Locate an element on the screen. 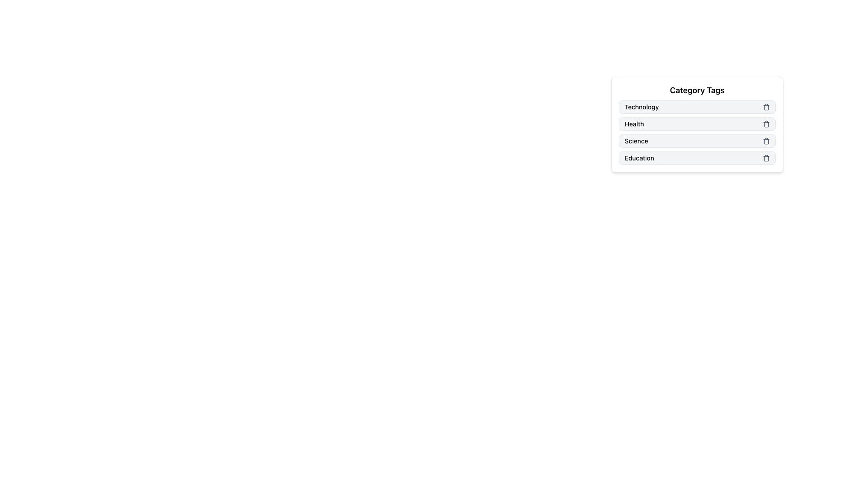  the 'Science' text label in the 'Category Tags' section is located at coordinates (636, 141).